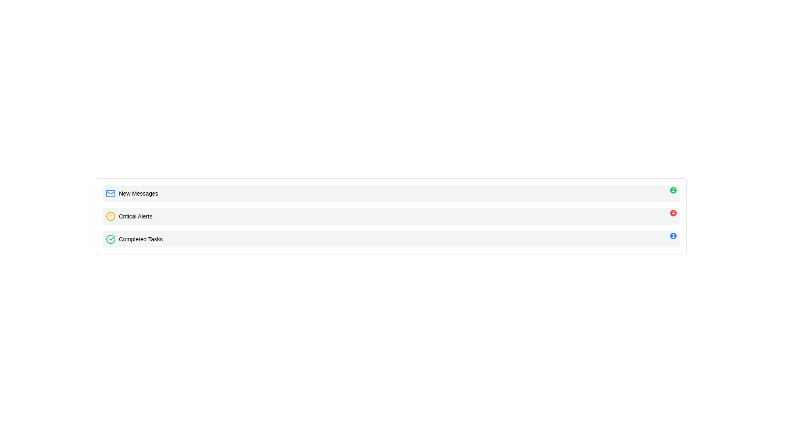 This screenshot has height=441, width=785. Describe the element at coordinates (673, 236) in the screenshot. I see `the notification badge displaying the number '1' located at the top-right corner of the 'Completed Tasks' panel` at that location.